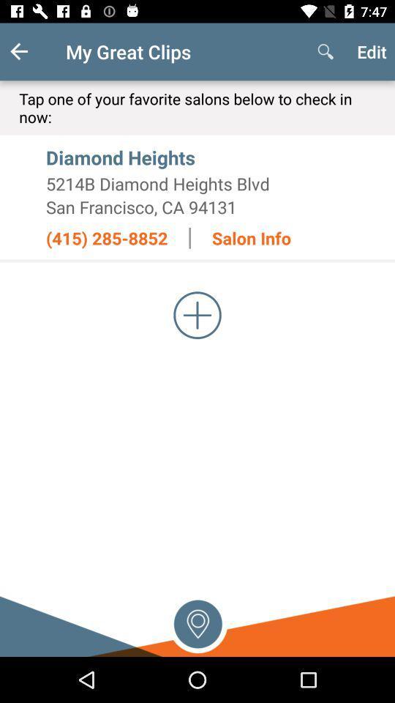 This screenshot has height=703, width=395. What do you see at coordinates (197, 622) in the screenshot?
I see `pin location` at bounding box center [197, 622].